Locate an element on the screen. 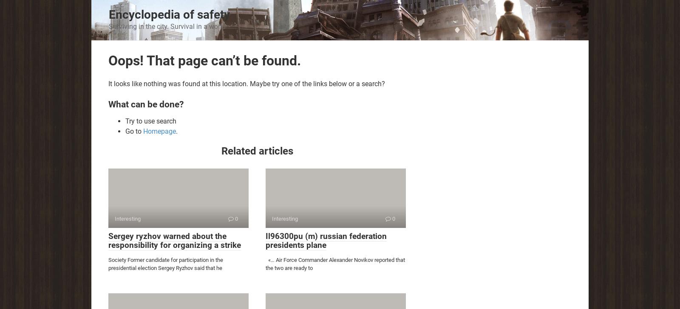  'Oops! That page can’t be found.' is located at coordinates (204, 60).